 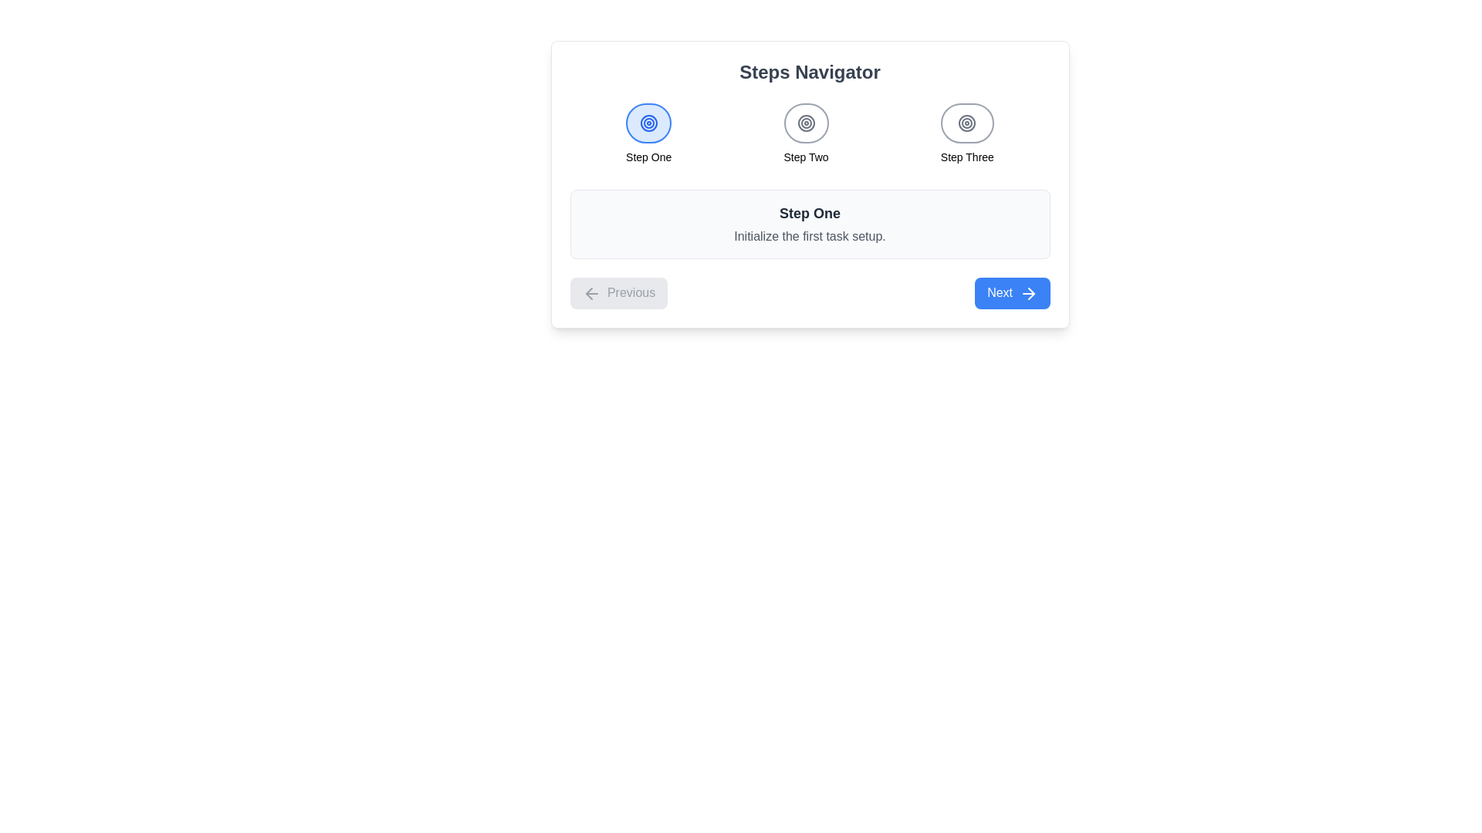 What do you see at coordinates (809, 214) in the screenshot?
I see `the title text element located in the header of the content card, which indicates the first step in a sequence` at bounding box center [809, 214].